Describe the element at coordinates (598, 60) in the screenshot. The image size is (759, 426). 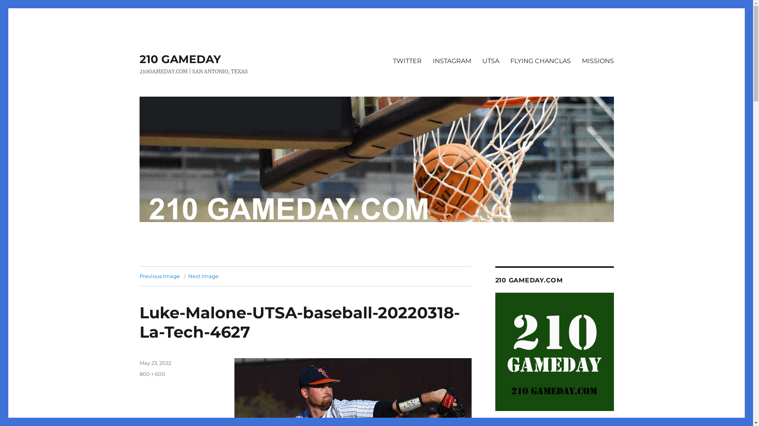
I see `'MISSIONS'` at that location.